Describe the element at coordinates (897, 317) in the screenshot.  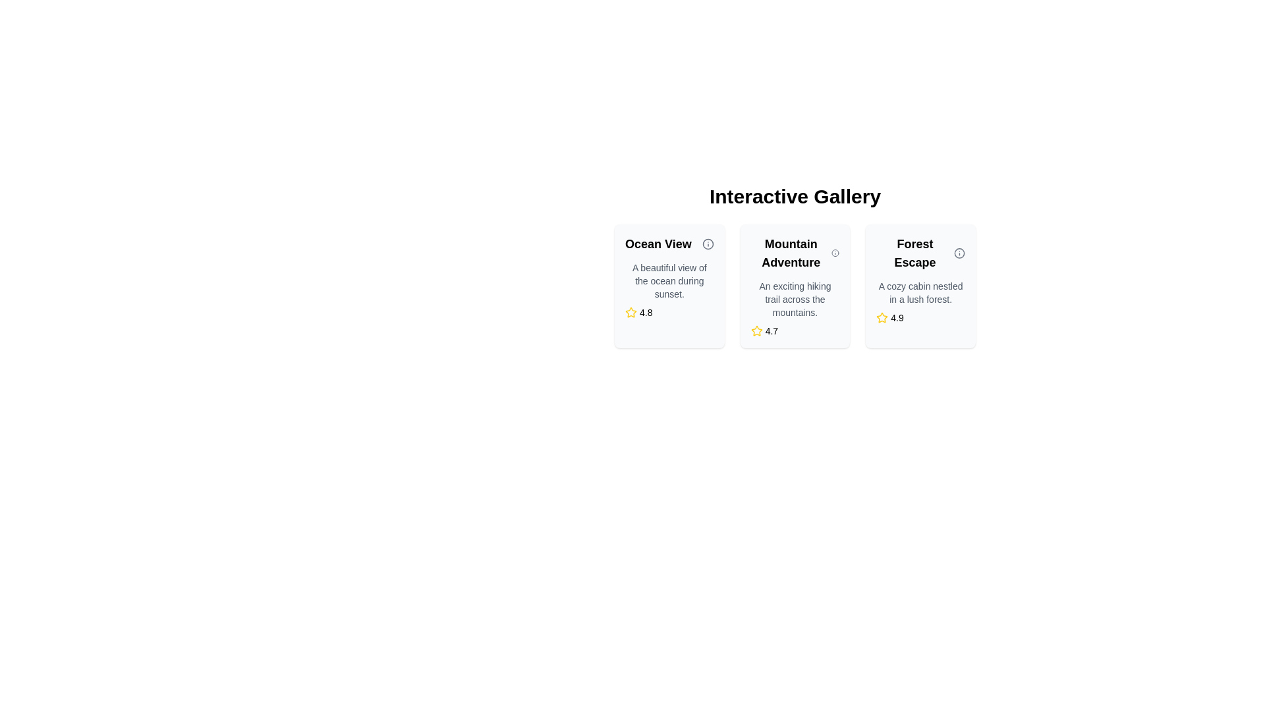
I see `the text label displaying the rating score adjacent to the yellow star icon at the bottom of the 'Forest Escape' card` at that location.